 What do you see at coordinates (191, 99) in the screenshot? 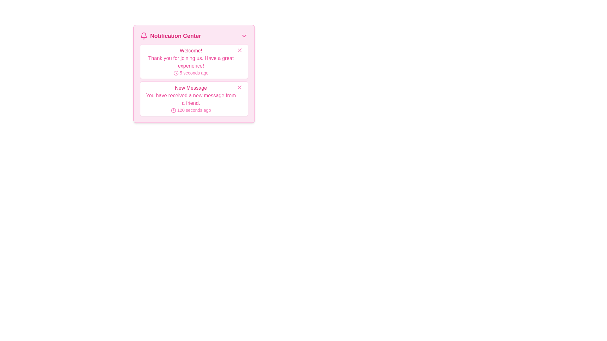
I see `text label displaying the content of a received message located below the 'New Message' title in the pink-themed notification card` at bounding box center [191, 99].